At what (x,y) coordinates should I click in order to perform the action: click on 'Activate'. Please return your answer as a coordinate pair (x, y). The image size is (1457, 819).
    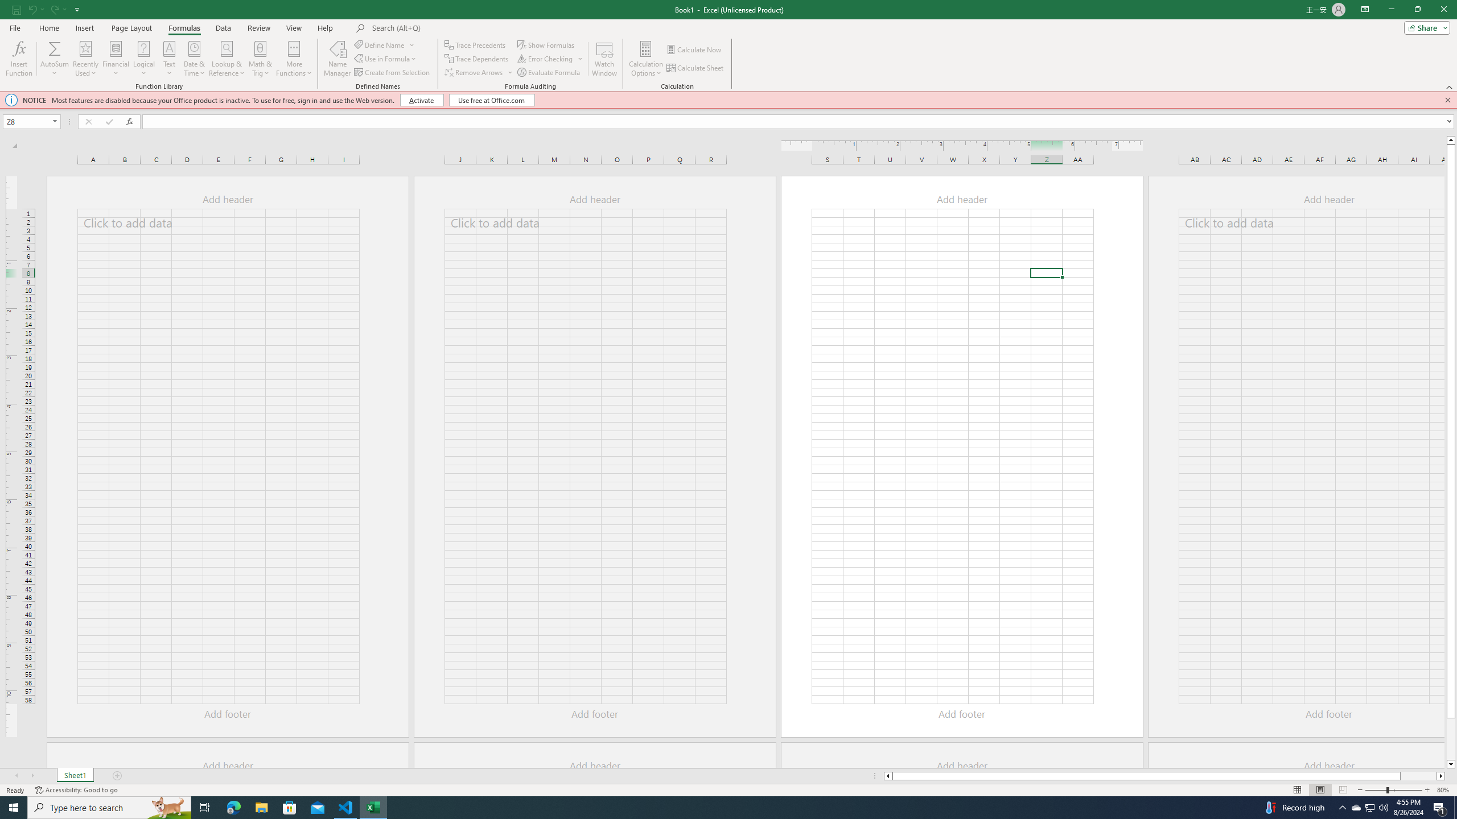
    Looking at the image, I should click on (422, 100).